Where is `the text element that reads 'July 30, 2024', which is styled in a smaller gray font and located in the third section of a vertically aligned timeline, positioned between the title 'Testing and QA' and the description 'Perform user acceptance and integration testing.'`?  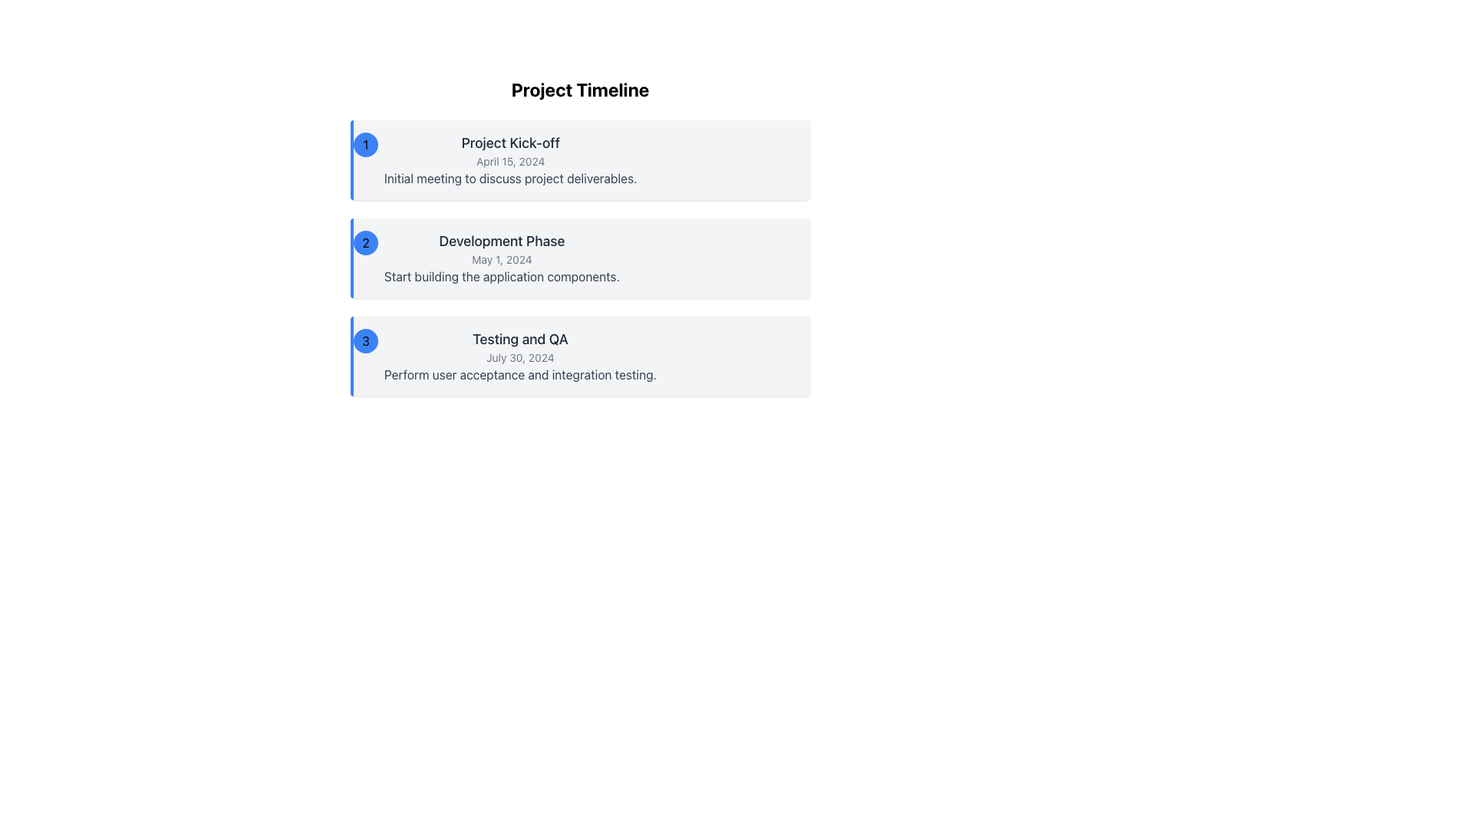
the text element that reads 'July 30, 2024', which is styled in a smaller gray font and located in the third section of a vertically aligned timeline, positioned between the title 'Testing and QA' and the description 'Perform user acceptance and integration testing.' is located at coordinates (520, 357).